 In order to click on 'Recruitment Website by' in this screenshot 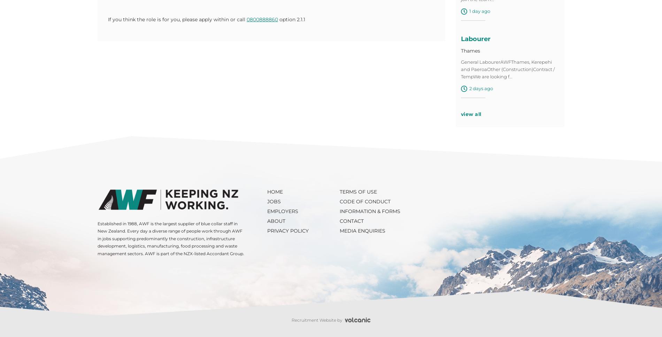, I will do `click(291, 322)`.